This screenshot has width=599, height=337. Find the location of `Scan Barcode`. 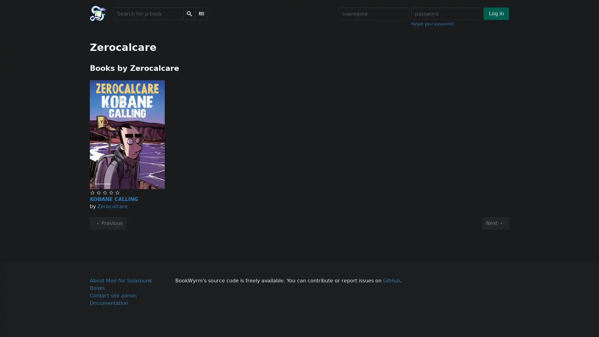

Scan Barcode is located at coordinates (202, 13).